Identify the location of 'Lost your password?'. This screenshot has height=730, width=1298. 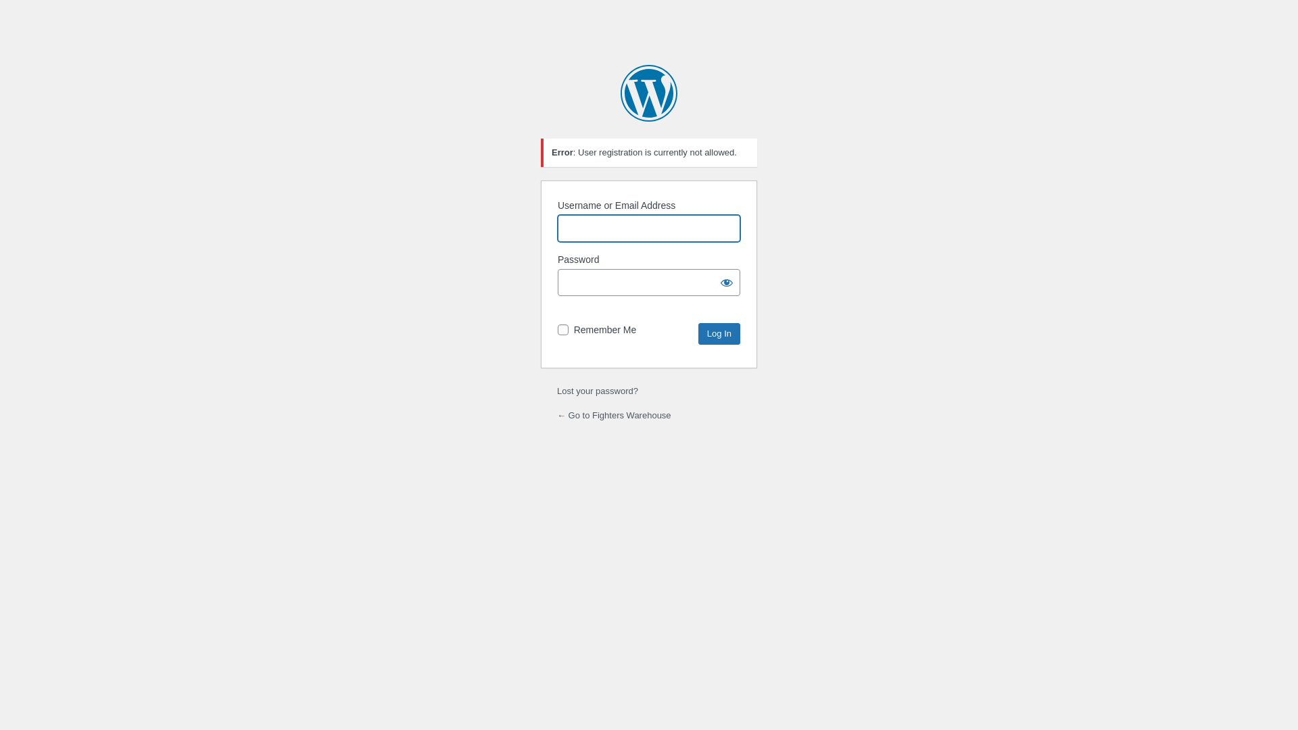
(596, 391).